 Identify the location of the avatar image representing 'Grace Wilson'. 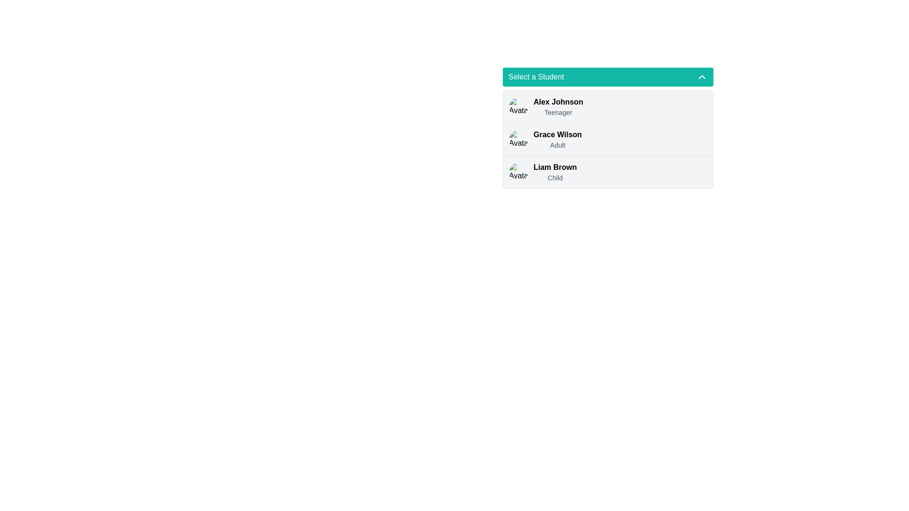
(517, 139).